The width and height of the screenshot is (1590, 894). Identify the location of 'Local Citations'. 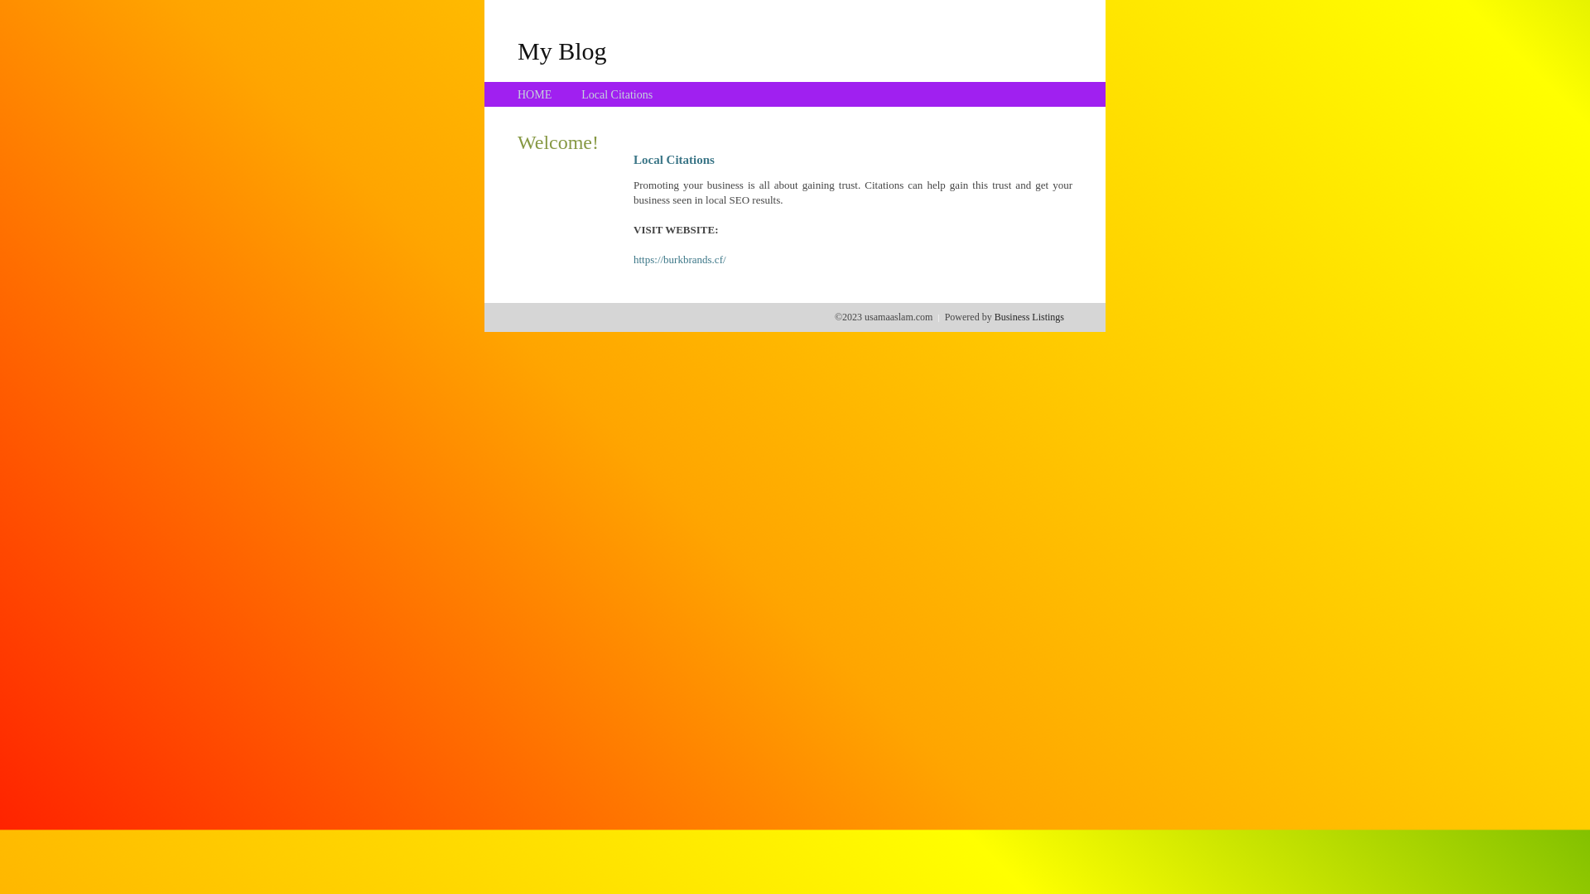
(615, 94).